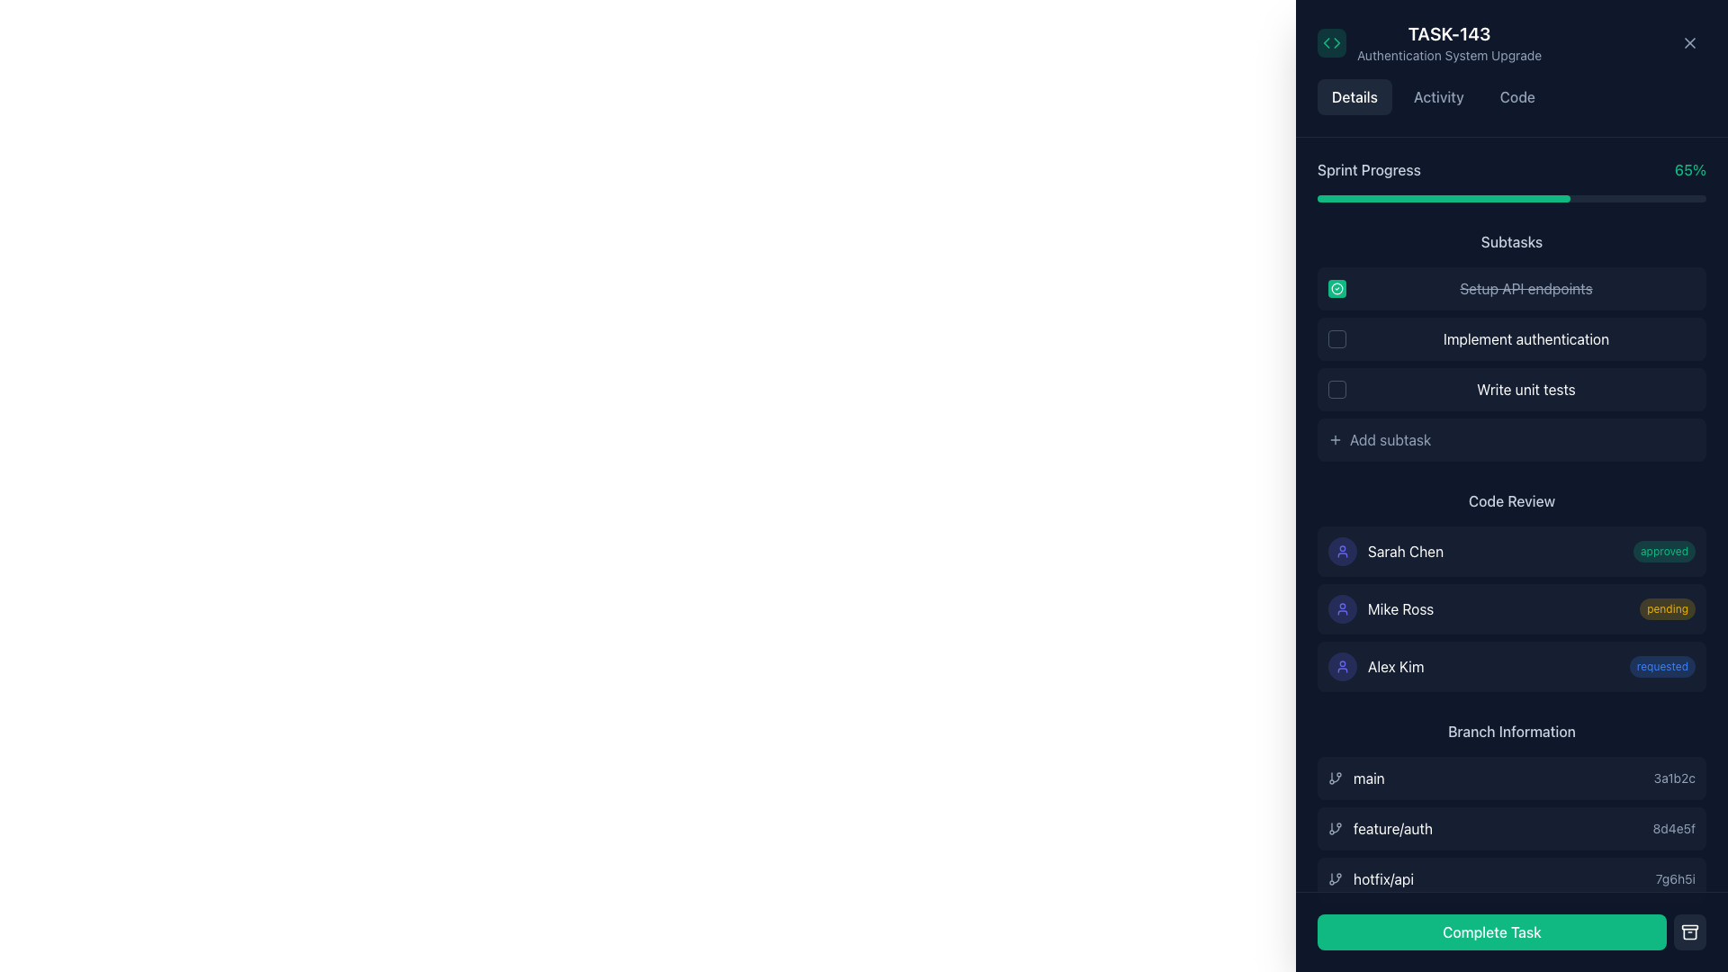  What do you see at coordinates (1577, 198) in the screenshot?
I see `progress value` at bounding box center [1577, 198].